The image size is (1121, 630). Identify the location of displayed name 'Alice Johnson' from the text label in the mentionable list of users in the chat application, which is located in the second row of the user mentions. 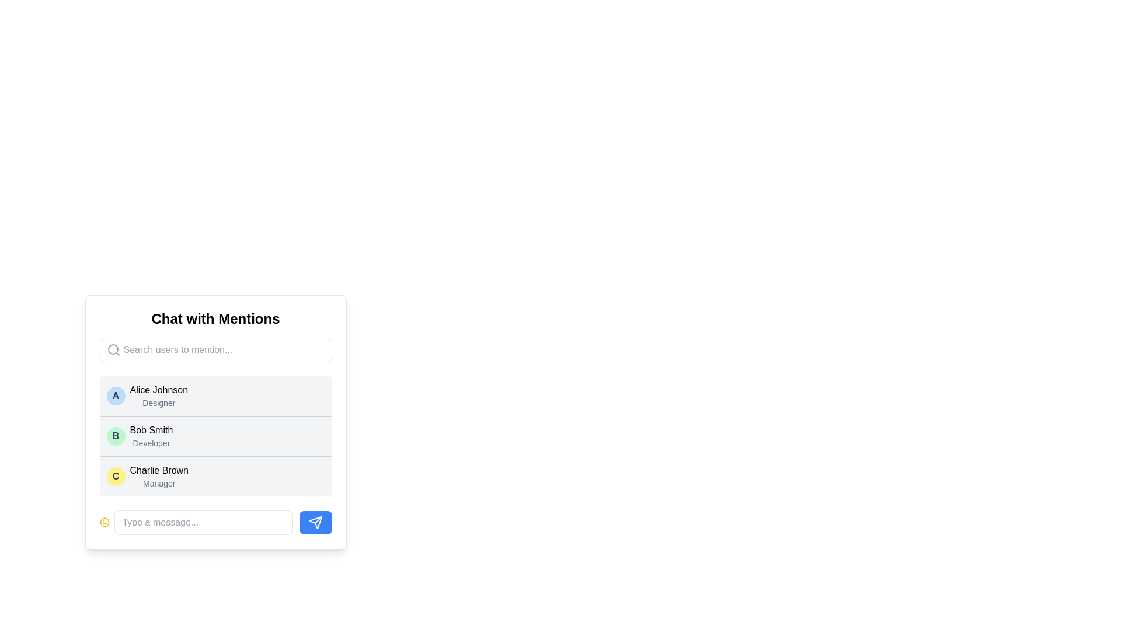
(158, 390).